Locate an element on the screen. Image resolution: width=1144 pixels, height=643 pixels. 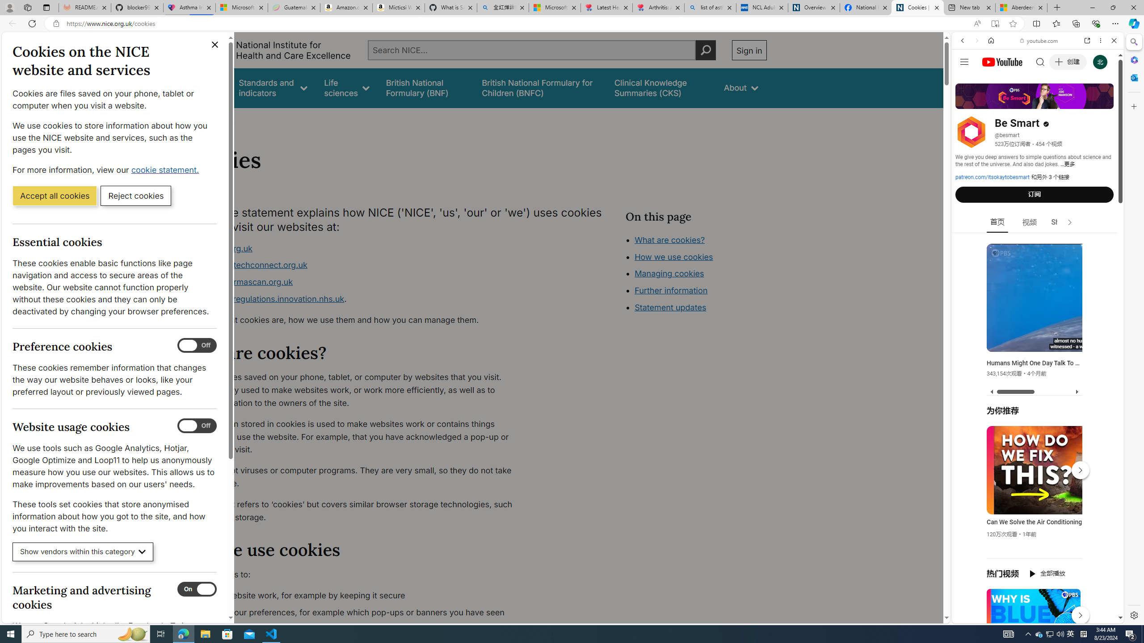
'Guidance' is located at coordinates (204, 88).